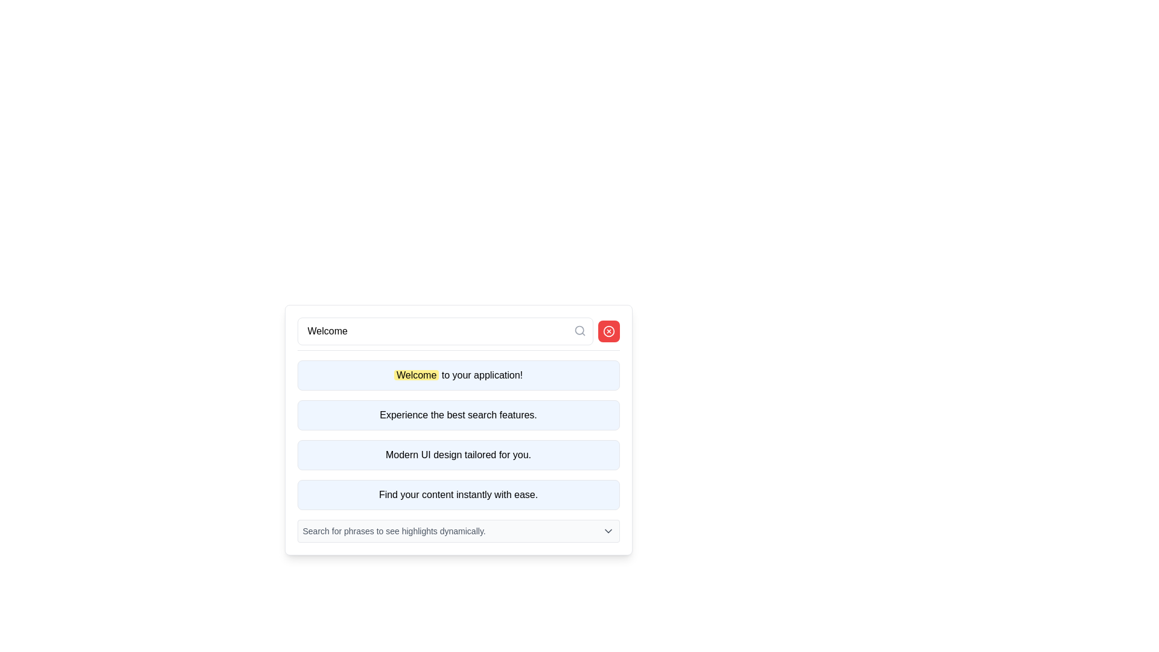 This screenshot has width=1159, height=652. I want to click on informative text block located in the central part of the interface, which is the third item in a vertical list, providing guidance about UI design features, so click(458, 455).